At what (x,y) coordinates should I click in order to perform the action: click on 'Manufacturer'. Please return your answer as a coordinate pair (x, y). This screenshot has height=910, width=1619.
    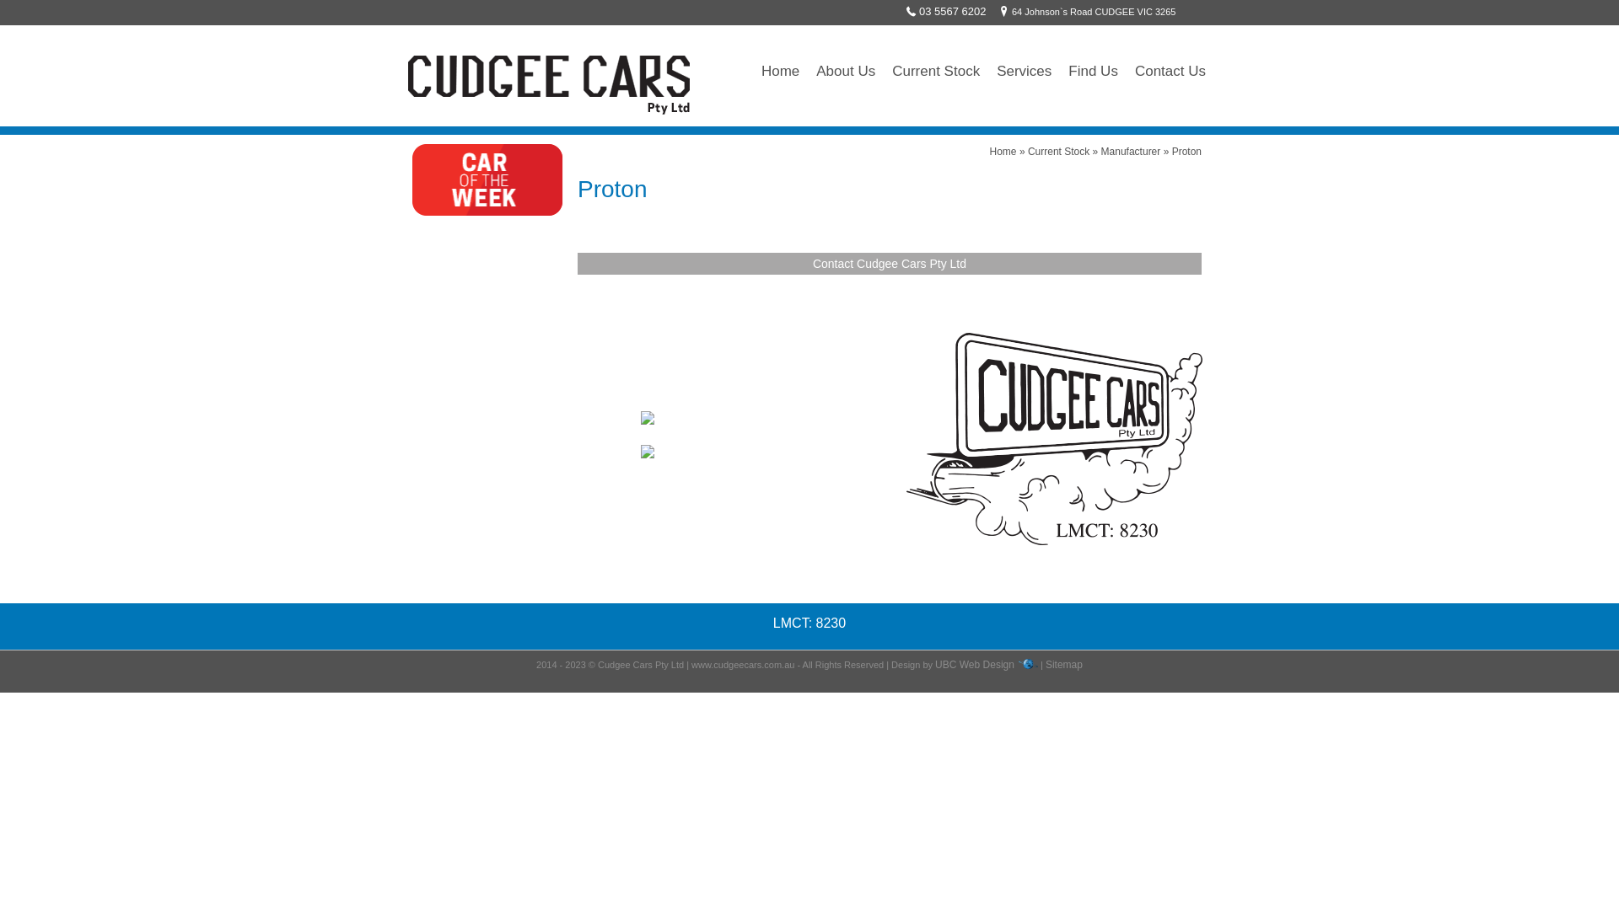
    Looking at the image, I should click on (1131, 152).